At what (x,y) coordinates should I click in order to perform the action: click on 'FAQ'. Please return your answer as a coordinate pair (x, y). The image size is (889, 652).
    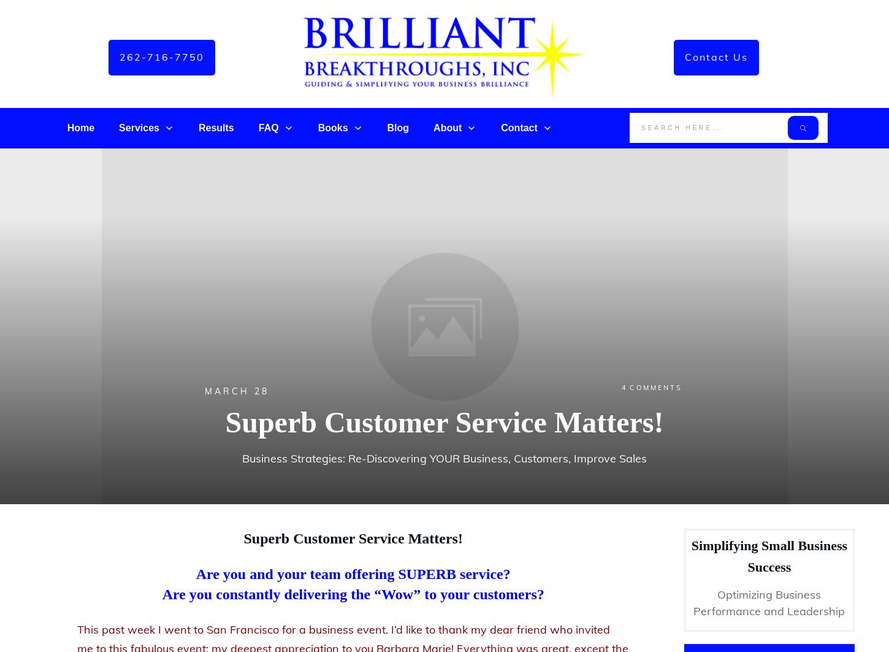
    Looking at the image, I should click on (257, 128).